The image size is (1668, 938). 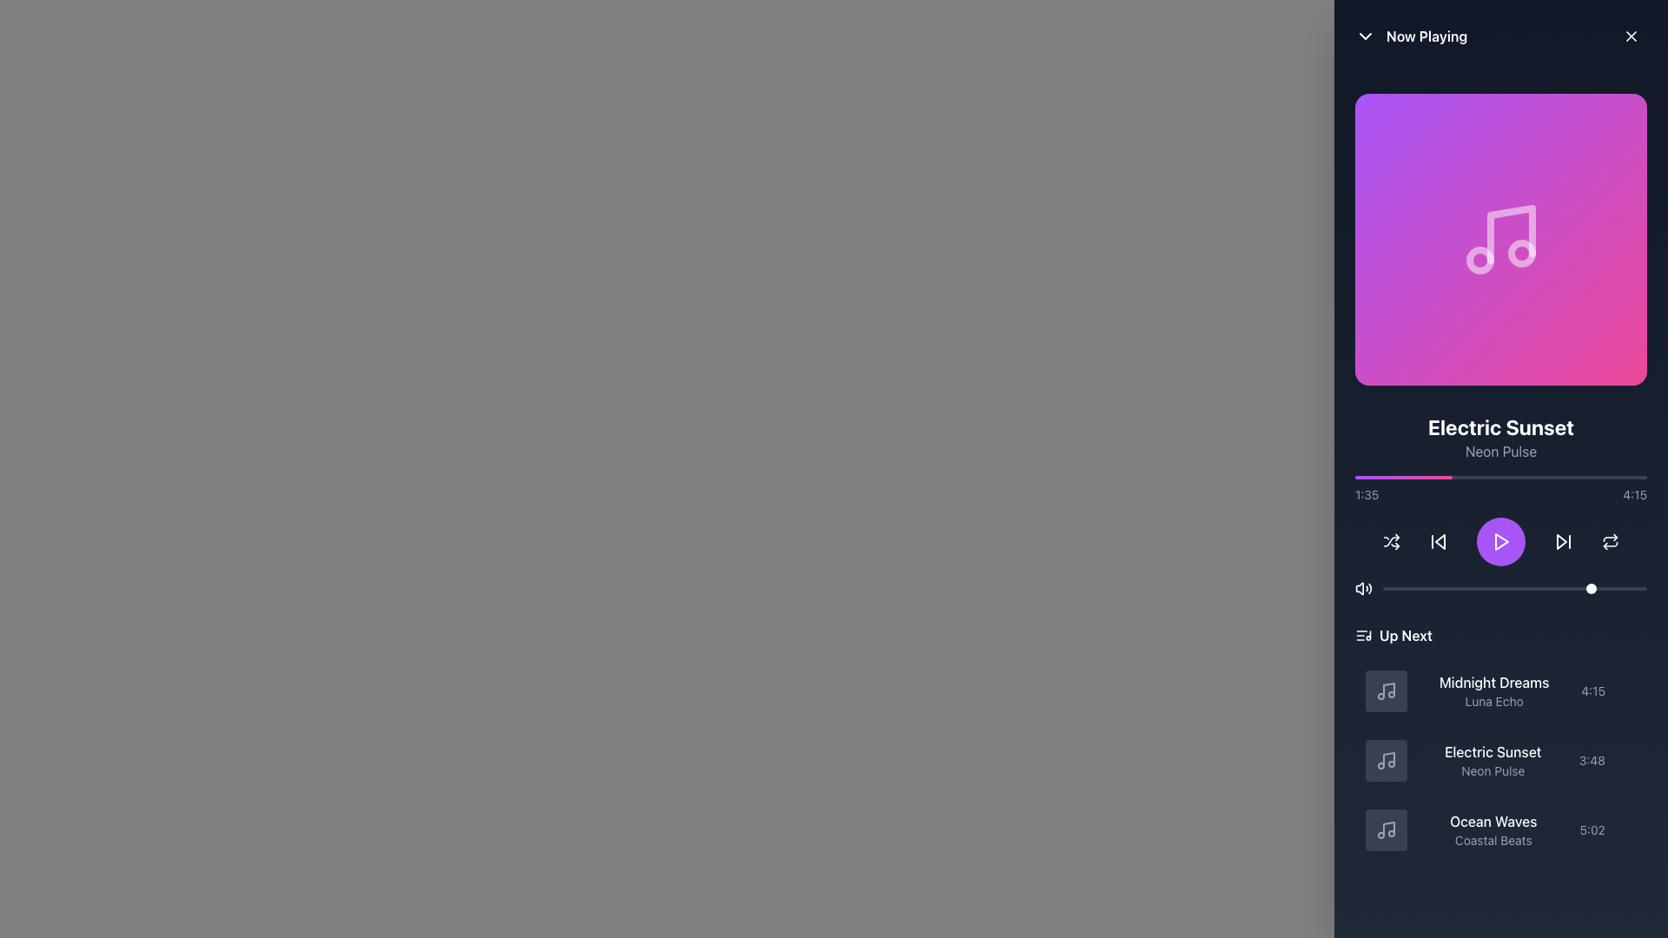 I want to click on the play/pause button located in the center of the music player interface to play or pause the currently selected audio track, so click(x=1500, y=541).